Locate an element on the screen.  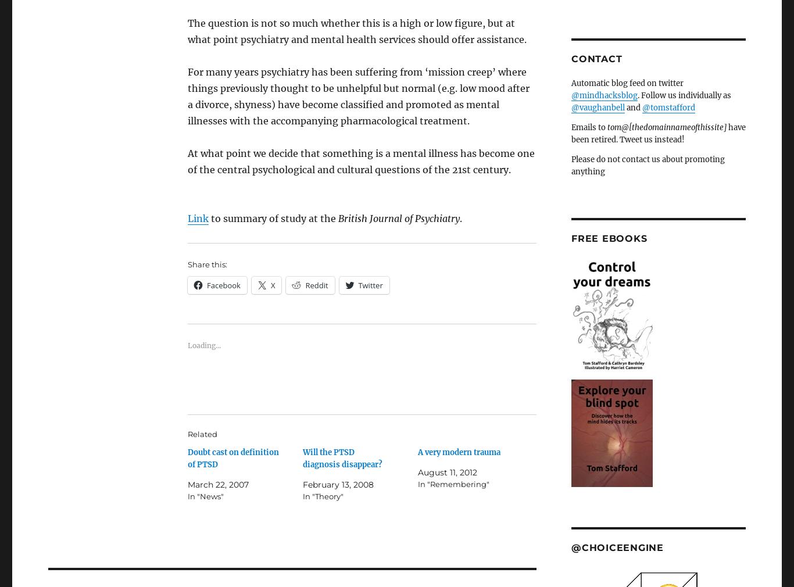
'British Journal of Psychiatry' is located at coordinates (399, 219).